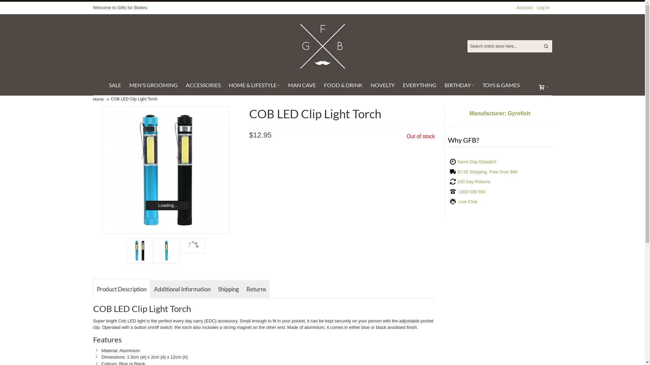 The image size is (650, 365). What do you see at coordinates (256, 289) in the screenshot?
I see `'Returns'` at bounding box center [256, 289].